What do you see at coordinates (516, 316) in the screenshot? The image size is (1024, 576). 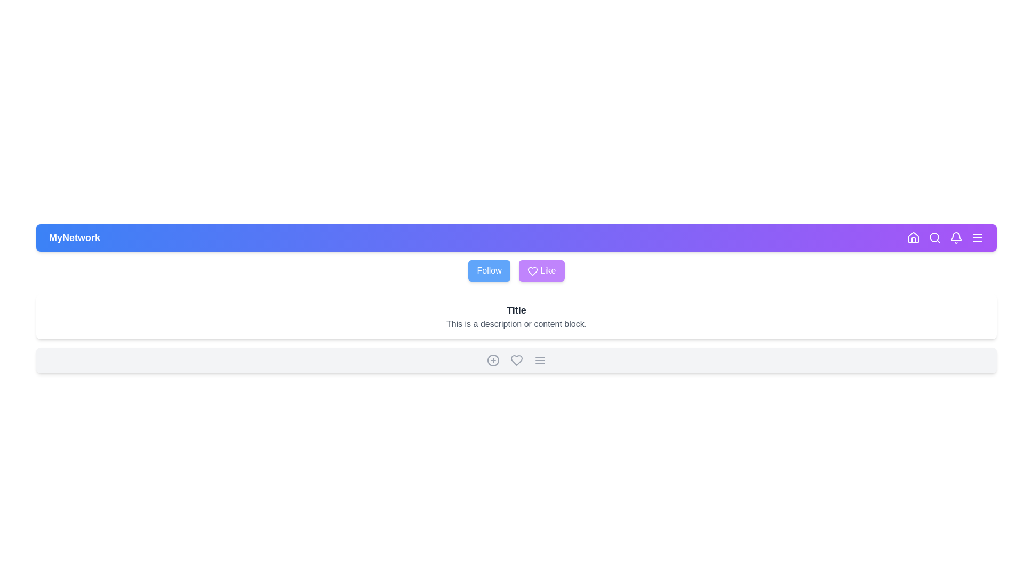 I see `text content of the content block which includes a bold title and a description below it` at bounding box center [516, 316].